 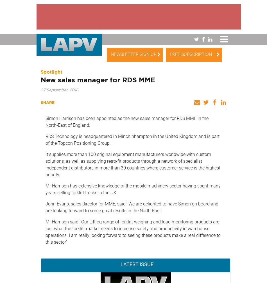 I want to click on 'Spotlight', so click(x=40, y=72).